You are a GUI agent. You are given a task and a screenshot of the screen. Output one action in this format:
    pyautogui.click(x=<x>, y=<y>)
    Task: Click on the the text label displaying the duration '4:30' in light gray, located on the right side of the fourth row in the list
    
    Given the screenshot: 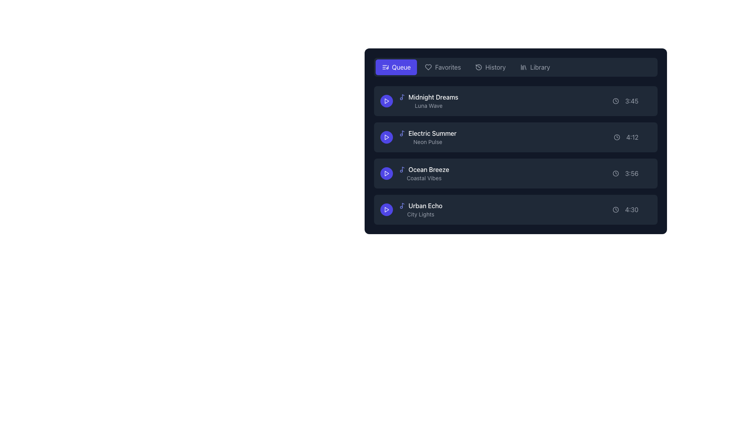 What is the action you would take?
    pyautogui.click(x=632, y=209)
    